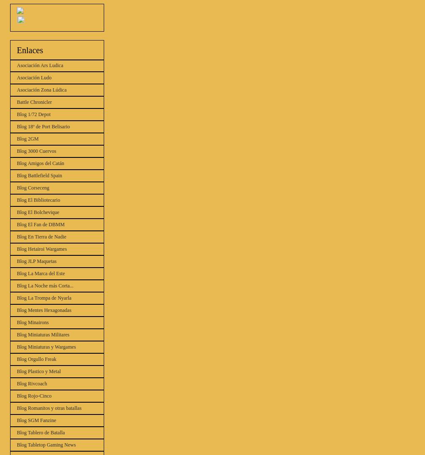 This screenshot has height=455, width=425. Describe the element at coordinates (17, 297) in the screenshot. I see `'Blog La Trompa de Nyarla'` at that location.